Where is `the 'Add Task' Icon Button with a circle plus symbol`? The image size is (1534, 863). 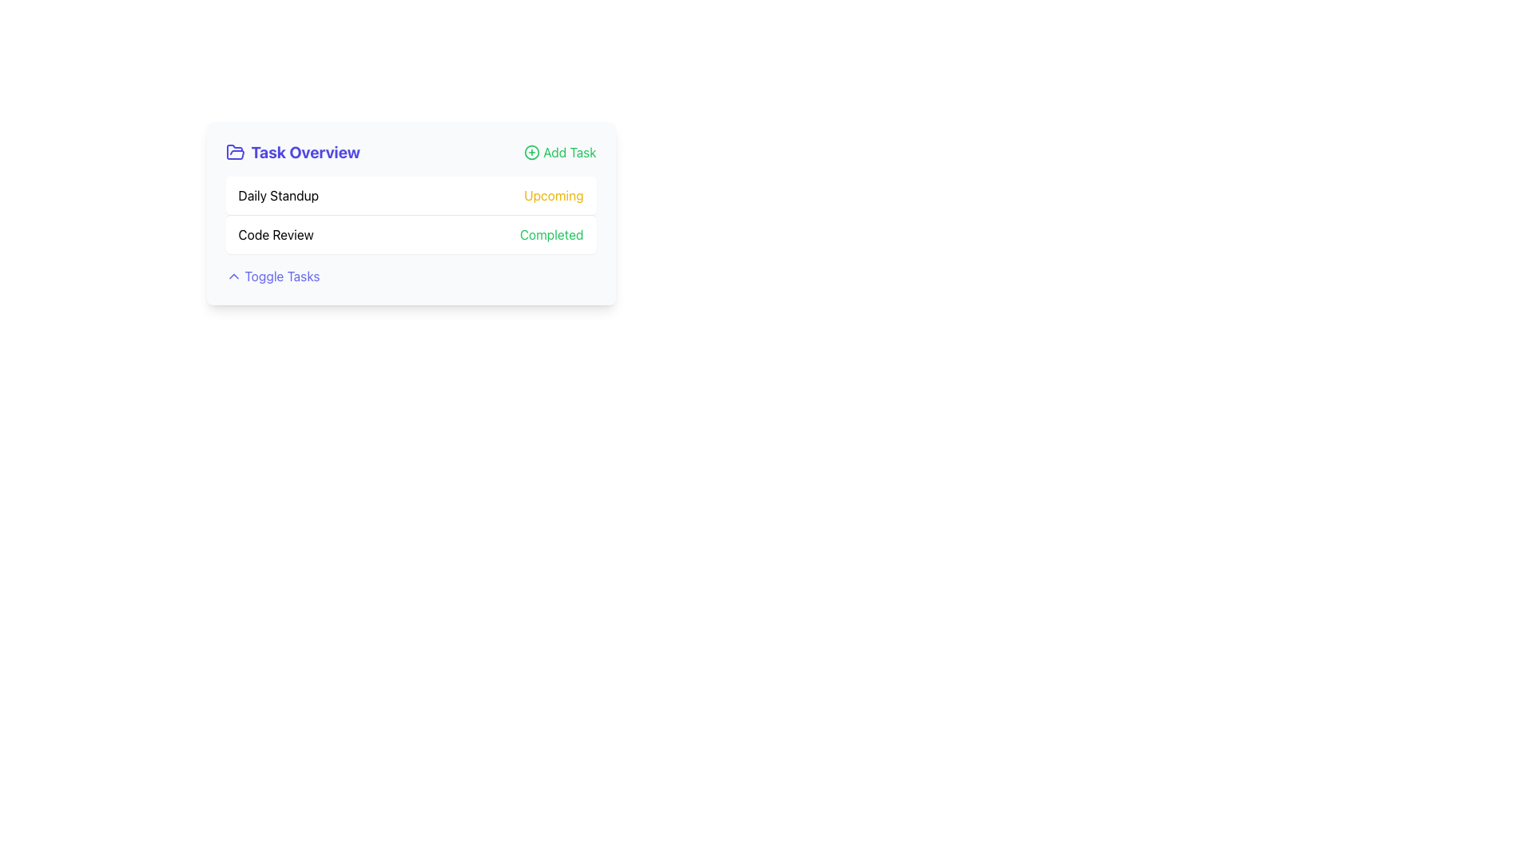
the 'Add Task' Icon Button with a circle plus symbol is located at coordinates (532, 153).